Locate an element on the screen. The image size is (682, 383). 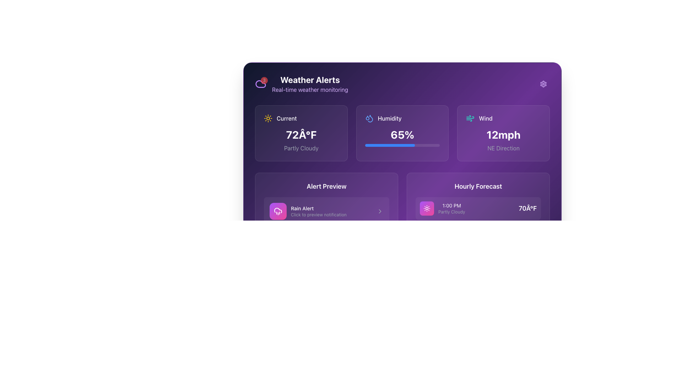
the temperature text '72°F' displayed in bold white font, which is centrally positioned in the 'Current' card with a dark background is located at coordinates (301, 135).